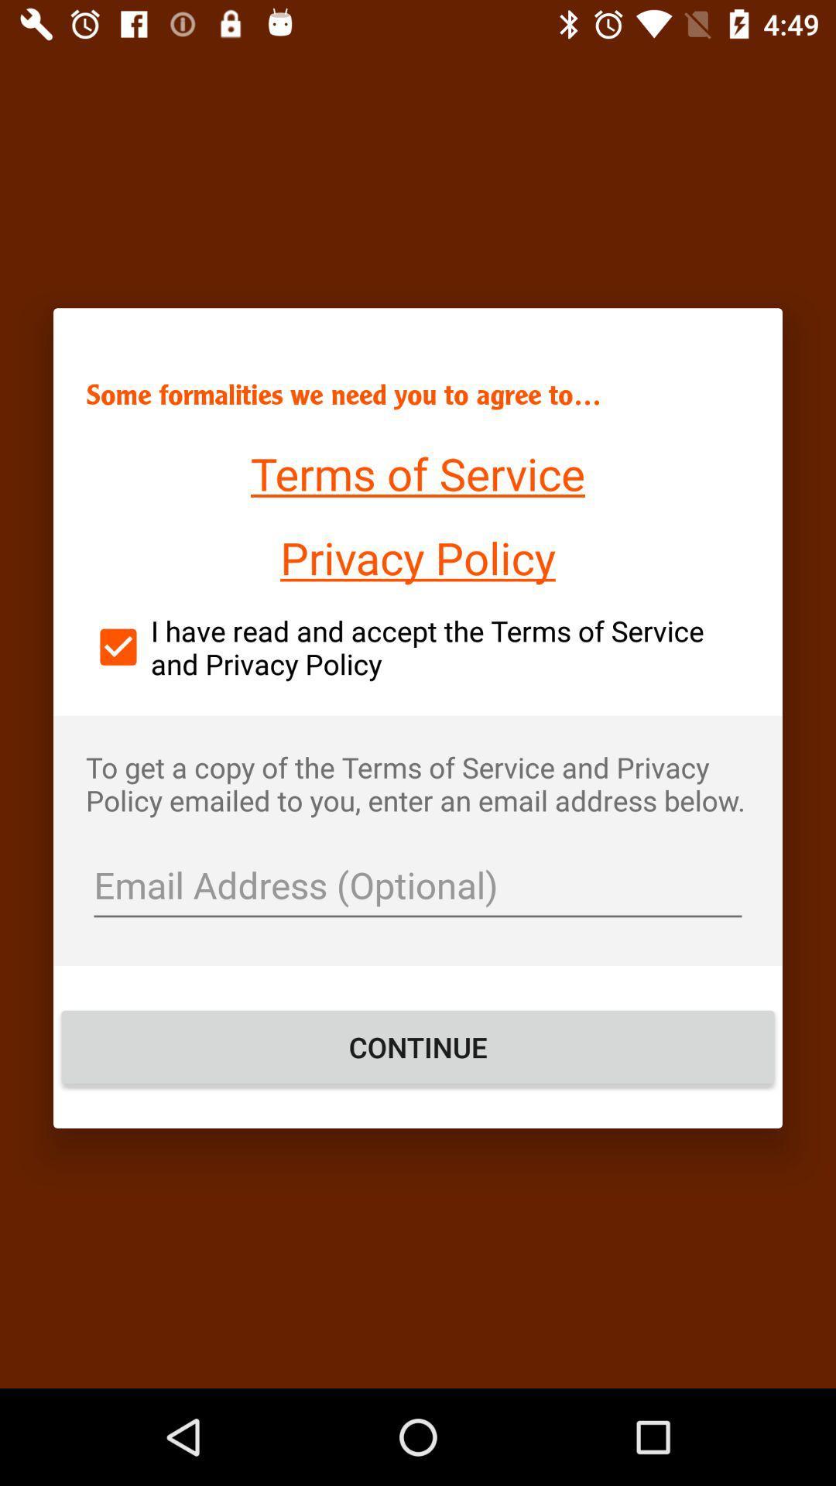 Image resolution: width=836 pixels, height=1486 pixels. What do you see at coordinates (418, 887) in the screenshot?
I see `the item above the continue` at bounding box center [418, 887].